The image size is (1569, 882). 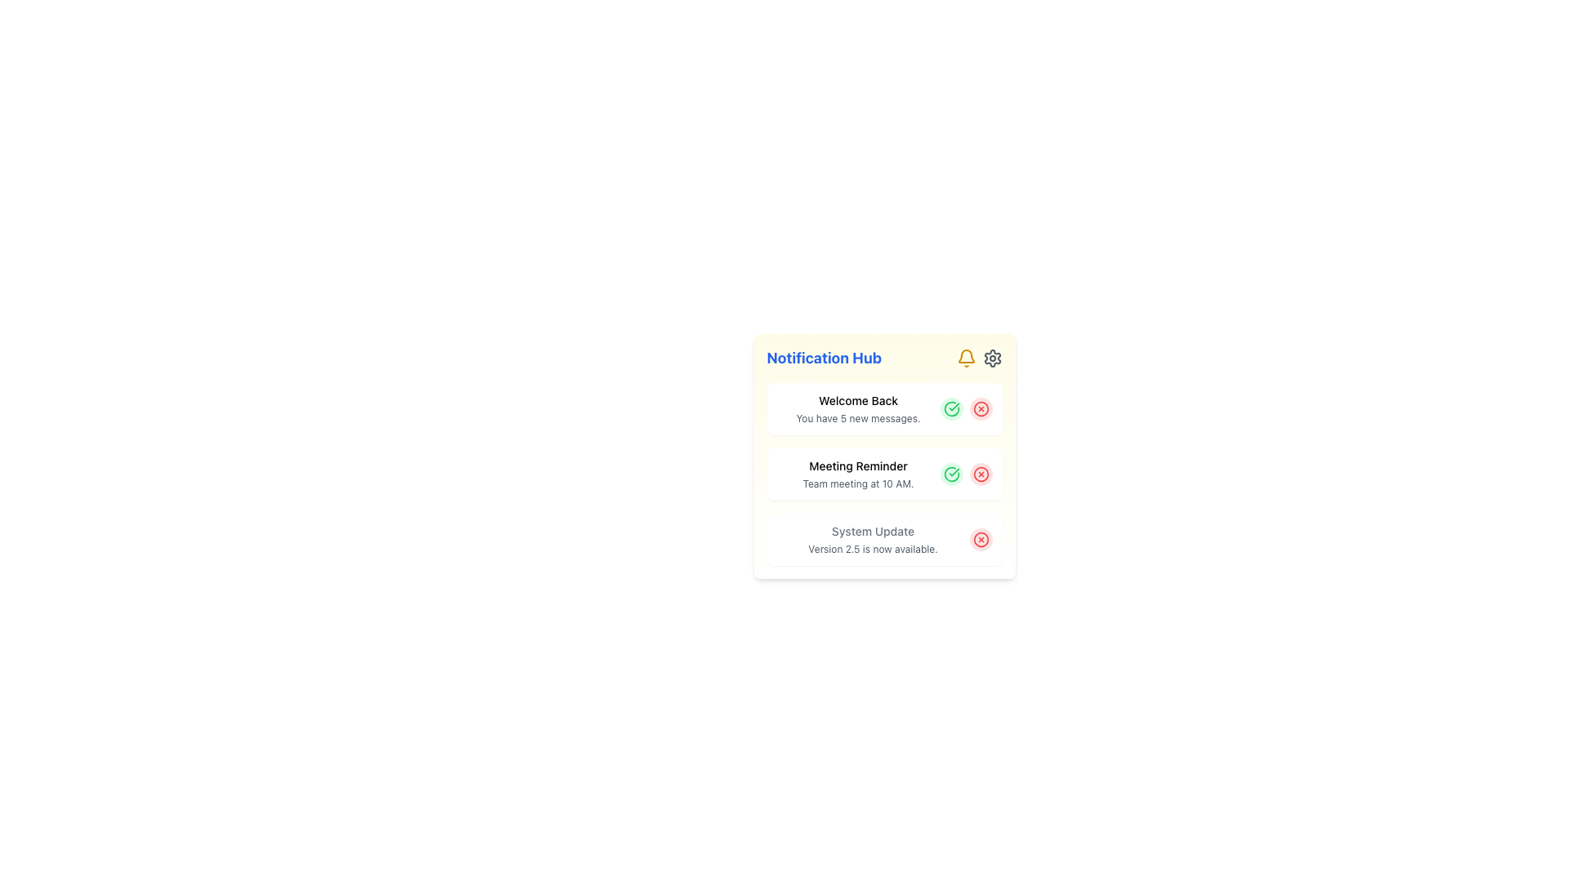 What do you see at coordinates (883, 539) in the screenshot?
I see `the Notification Card that provides information about a system update, which is the third card in a vertical list layout` at bounding box center [883, 539].